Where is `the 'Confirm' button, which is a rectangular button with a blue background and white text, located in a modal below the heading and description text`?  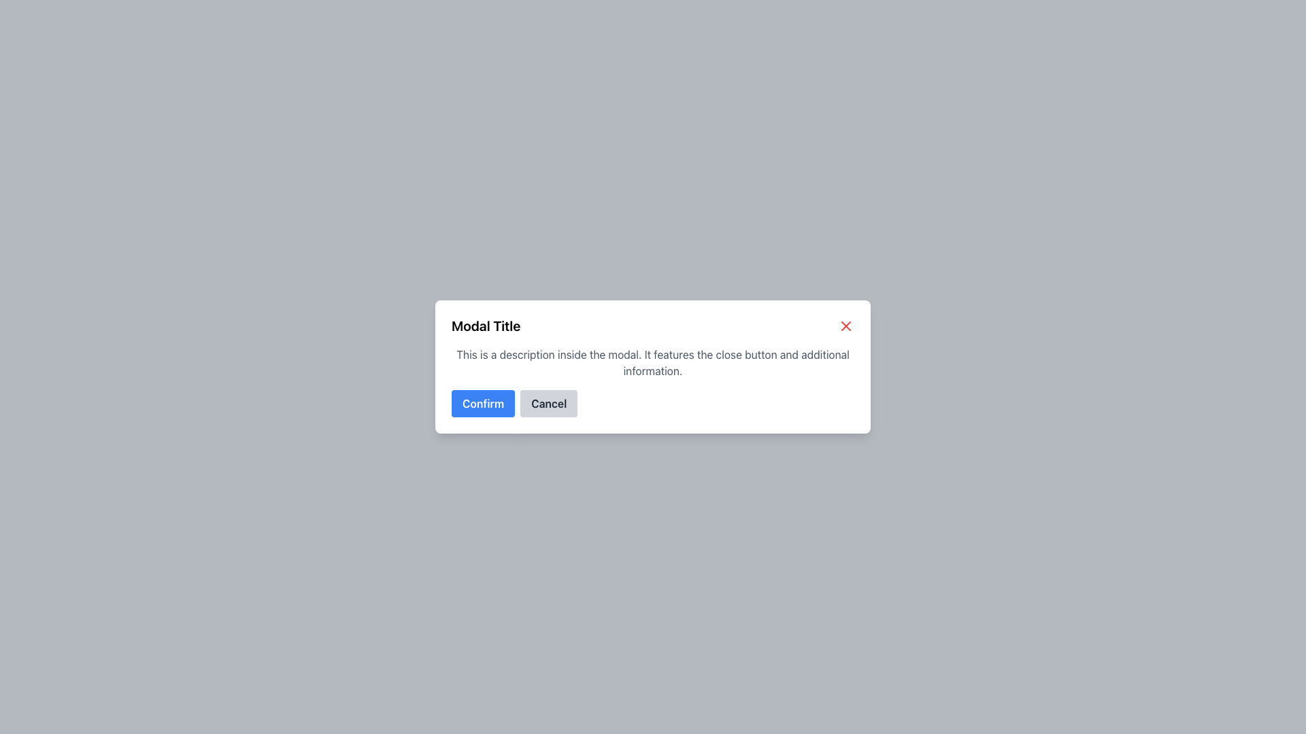 the 'Confirm' button, which is a rectangular button with a blue background and white text, located in a modal below the heading and description text is located at coordinates (483, 403).